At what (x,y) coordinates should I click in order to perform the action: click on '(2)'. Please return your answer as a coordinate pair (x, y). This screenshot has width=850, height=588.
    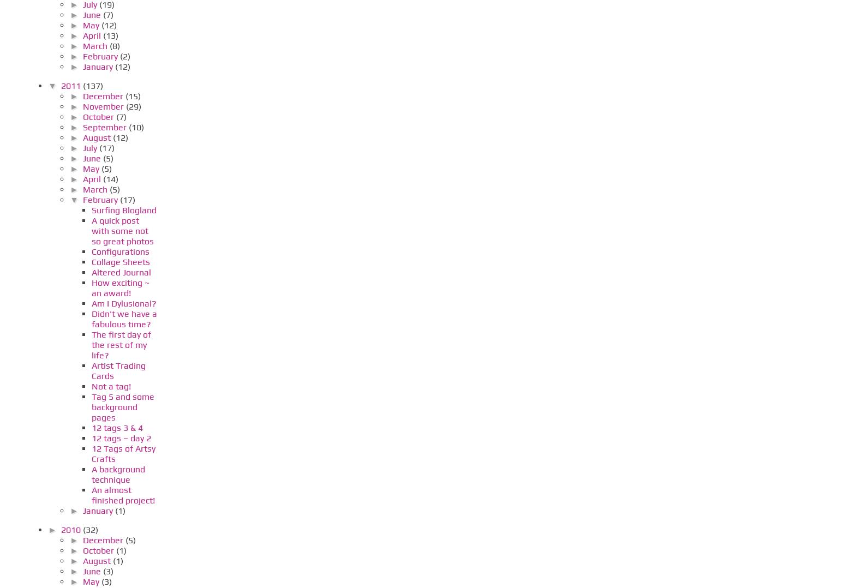
    Looking at the image, I should click on (124, 55).